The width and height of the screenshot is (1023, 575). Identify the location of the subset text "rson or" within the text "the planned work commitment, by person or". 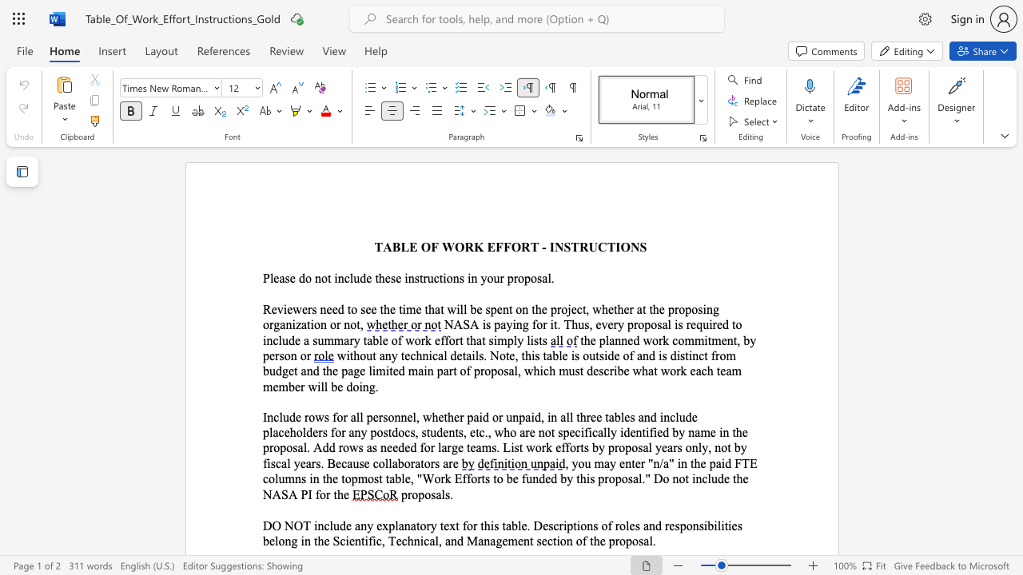
(275, 355).